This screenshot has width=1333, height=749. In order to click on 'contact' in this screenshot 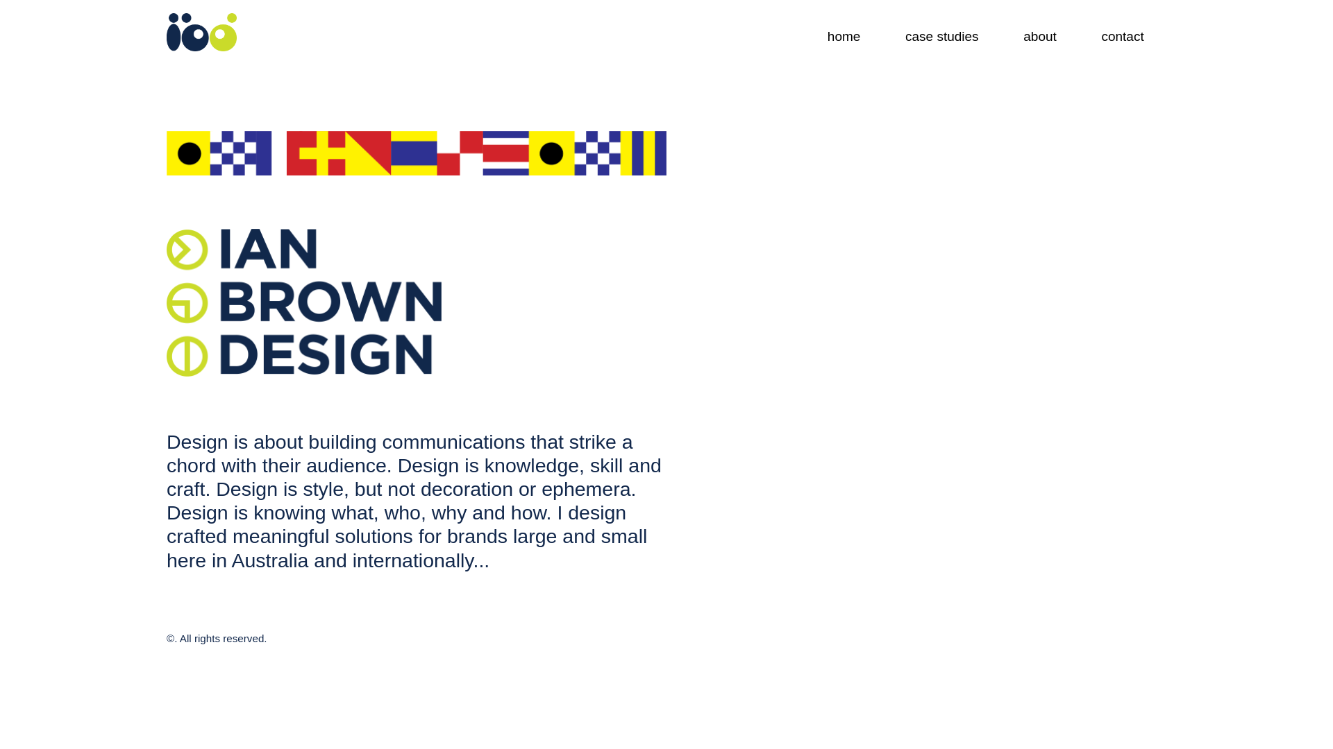, I will do `click(1123, 35)`.